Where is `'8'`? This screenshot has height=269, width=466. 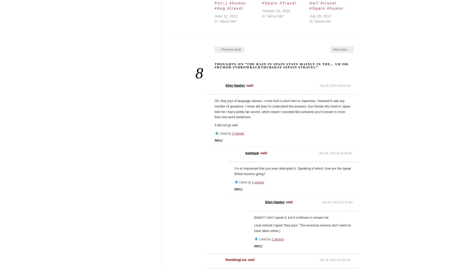 '8' is located at coordinates (195, 73).